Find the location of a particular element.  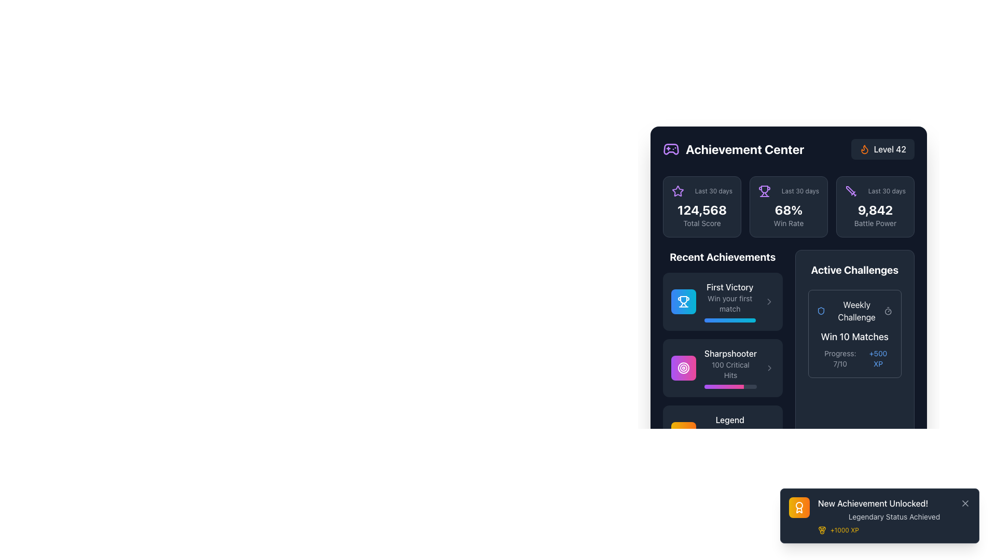

the progress information text label located in the 'Active Challenges' section, under the 'Weekly Challenge' heading, positioned to the left of the '+500 XP' text is located at coordinates (840, 358).